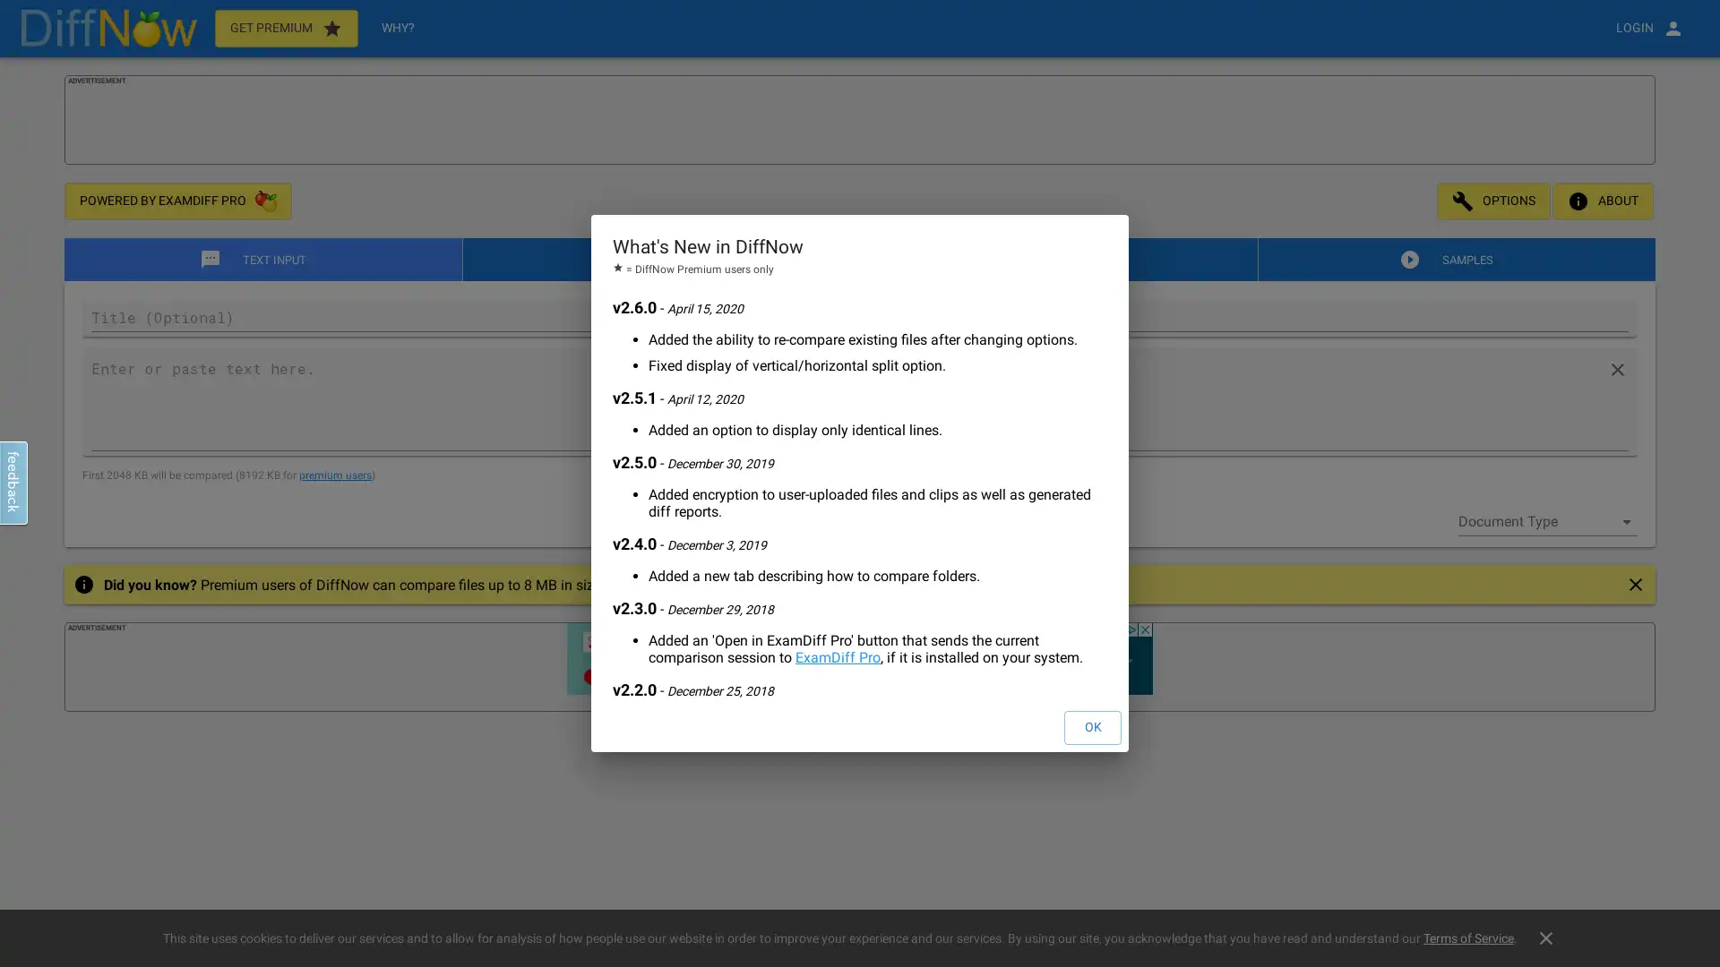 The width and height of the screenshot is (1720, 967). Describe the element at coordinates (1493, 201) in the screenshot. I see `OPTIONS` at that location.